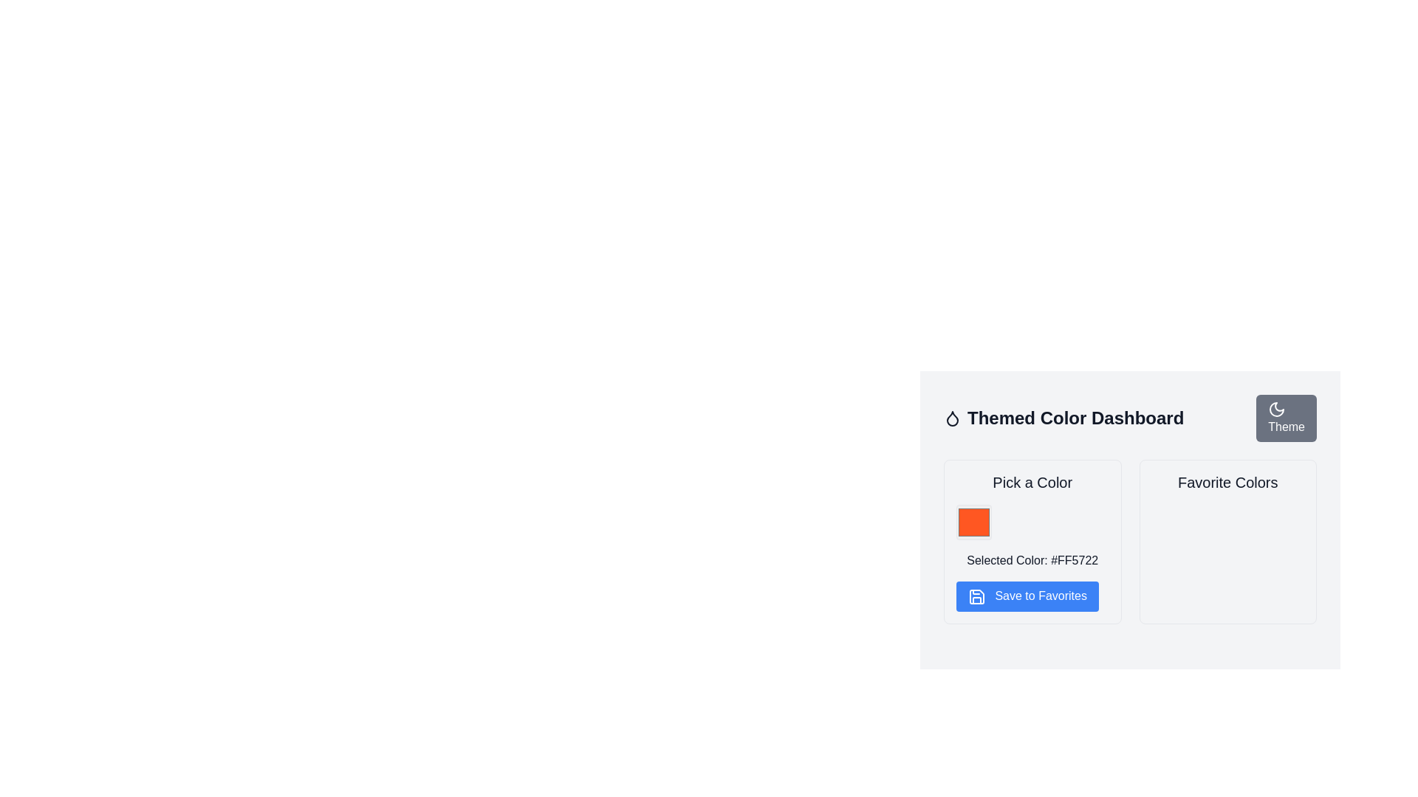 The width and height of the screenshot is (1418, 797). What do you see at coordinates (953, 418) in the screenshot?
I see `the decorative icon located in the top-left corner of the header area of the 'Themed Color Dashboard', which symbolizes water or color` at bounding box center [953, 418].